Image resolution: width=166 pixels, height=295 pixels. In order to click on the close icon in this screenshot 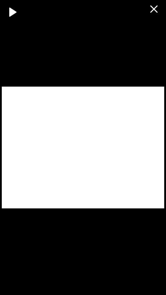, I will do `click(153, 9)`.